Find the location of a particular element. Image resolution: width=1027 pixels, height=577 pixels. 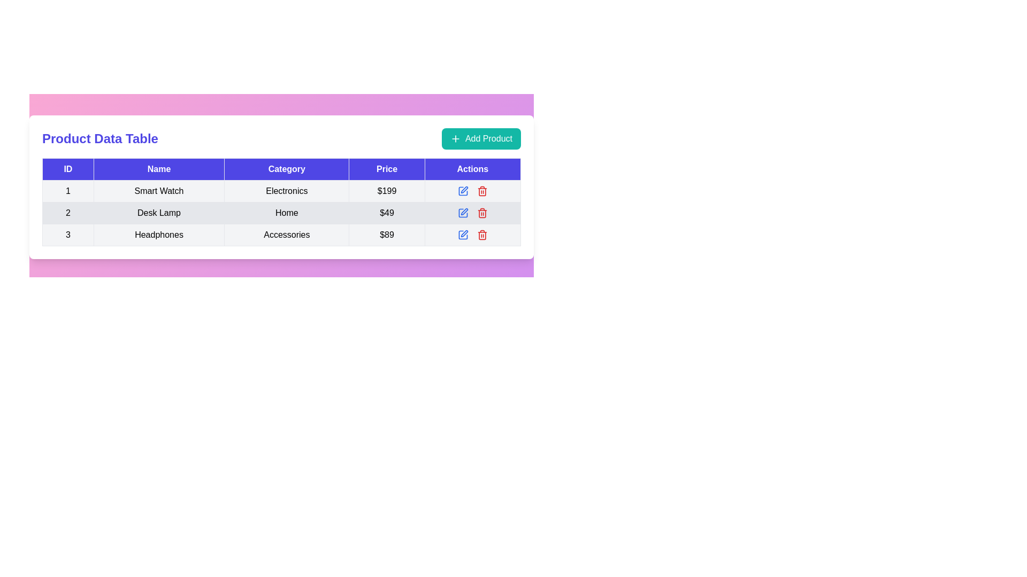

the header label containing the text 'Price' which is styled with a blue background and white font, positioned as the fourth element in a horizontal header row is located at coordinates (386, 168).